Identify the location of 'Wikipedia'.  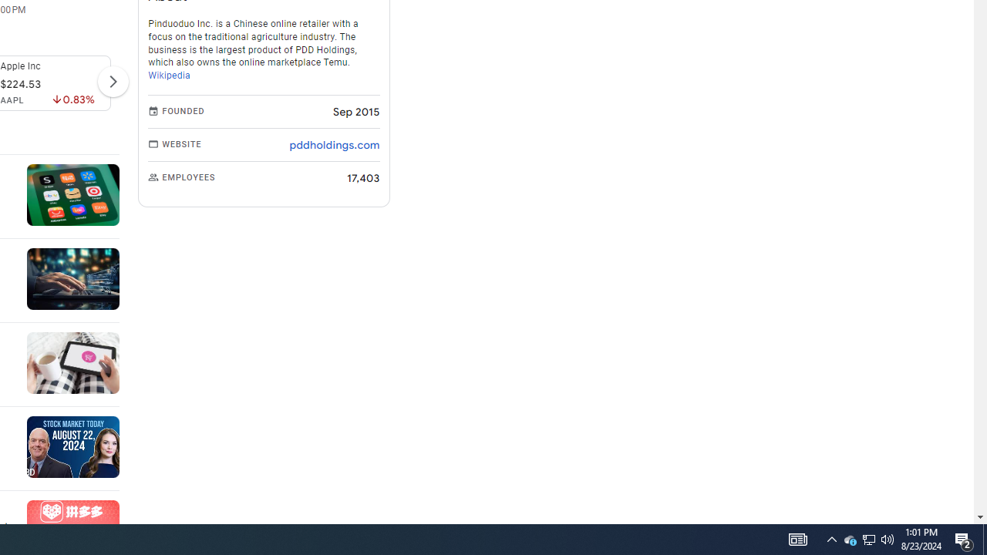
(169, 76).